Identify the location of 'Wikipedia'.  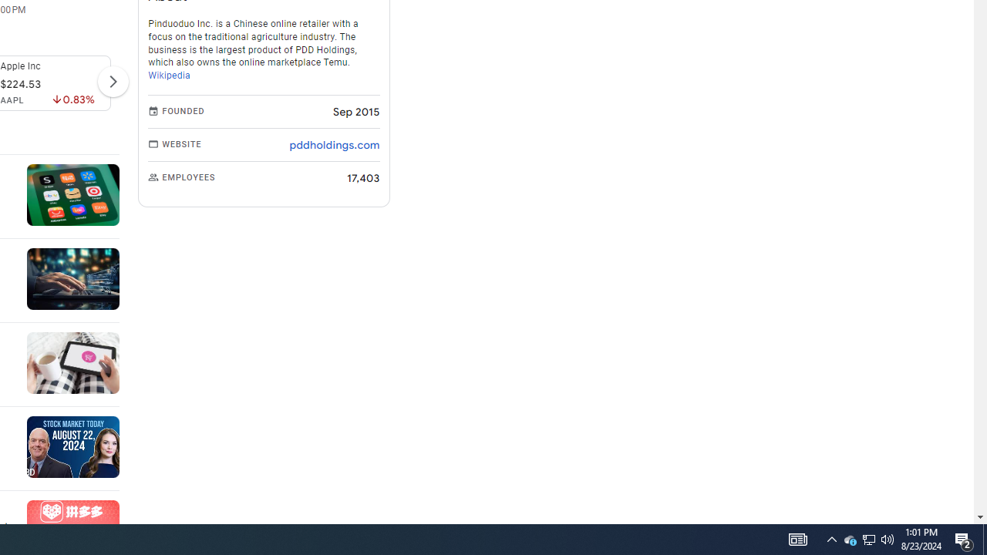
(169, 76).